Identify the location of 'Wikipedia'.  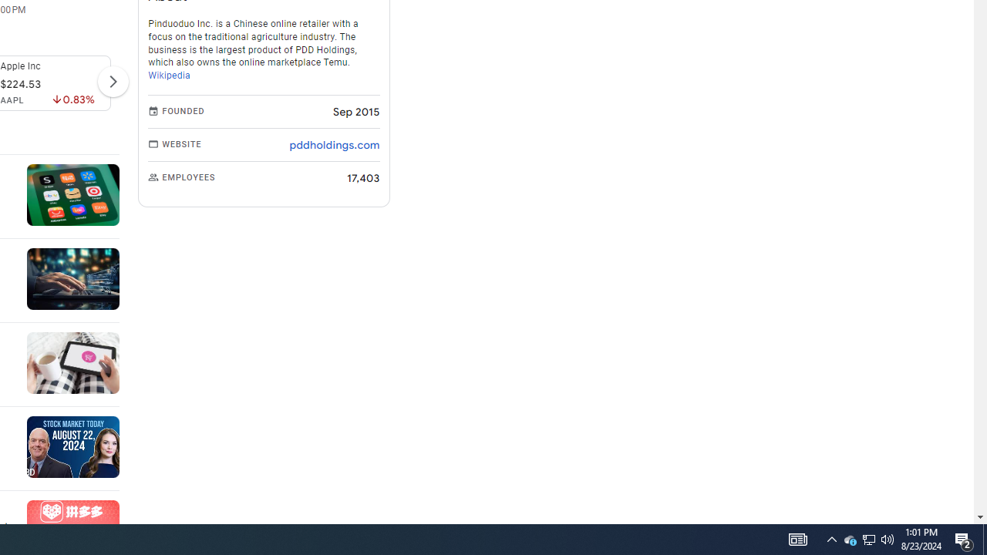
(169, 76).